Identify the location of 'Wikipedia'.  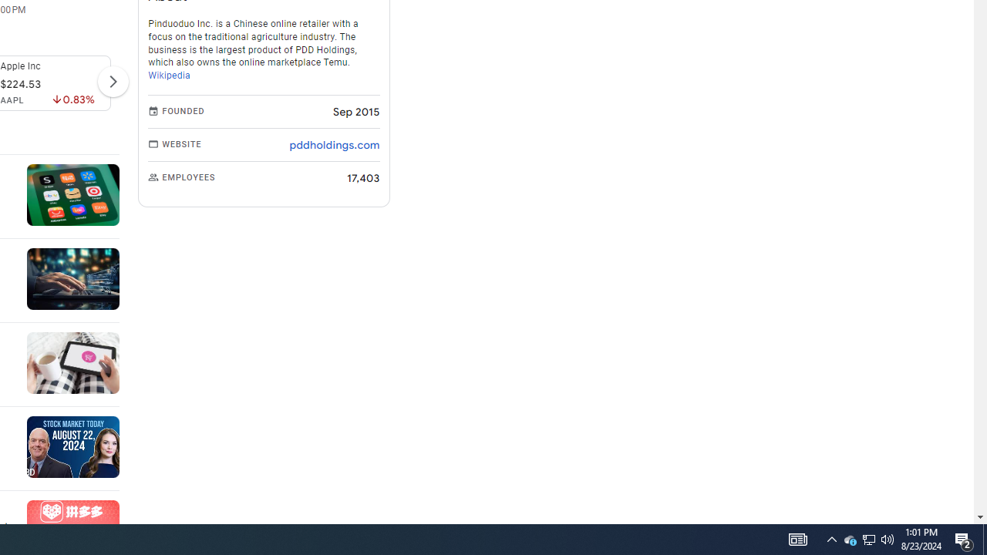
(169, 76).